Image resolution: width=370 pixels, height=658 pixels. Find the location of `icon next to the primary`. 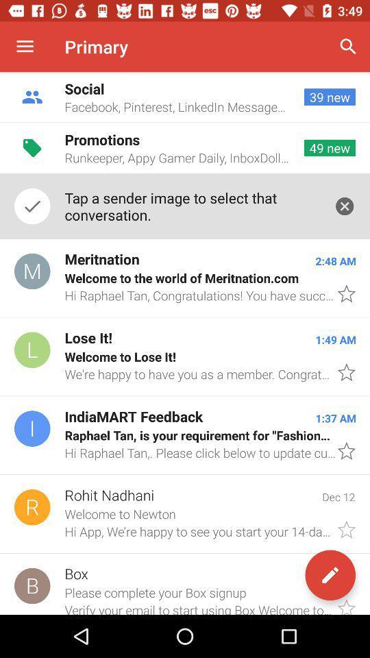

icon next to the primary is located at coordinates (25, 47).